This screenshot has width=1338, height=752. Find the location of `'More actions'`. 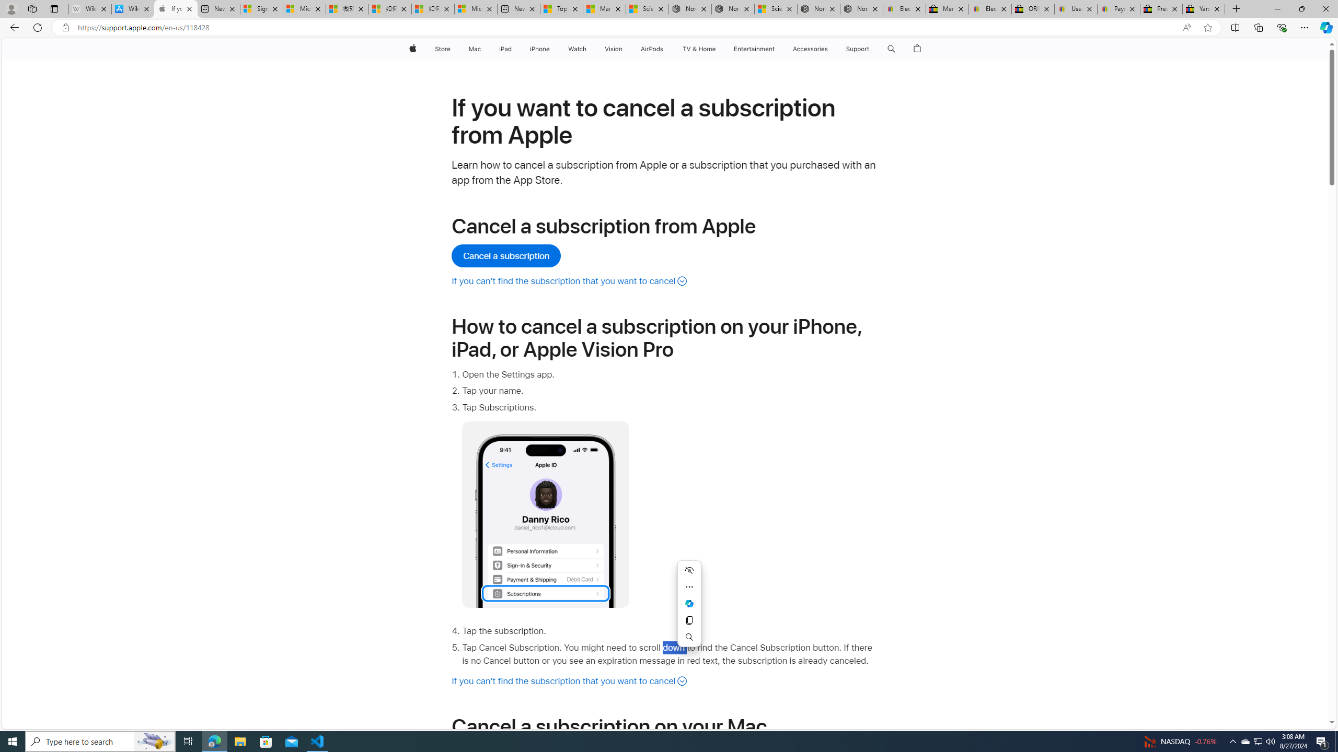

'More actions' is located at coordinates (689, 586).